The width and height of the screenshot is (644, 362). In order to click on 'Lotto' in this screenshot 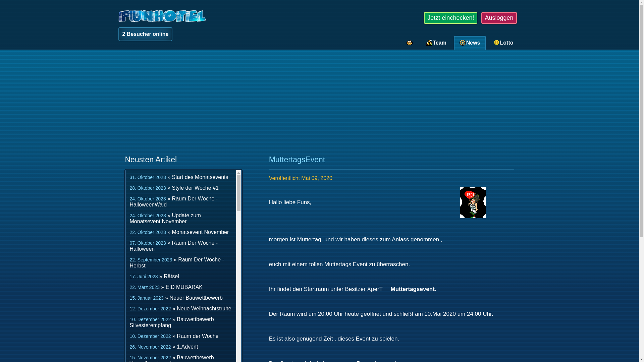, I will do `click(504, 43)`.